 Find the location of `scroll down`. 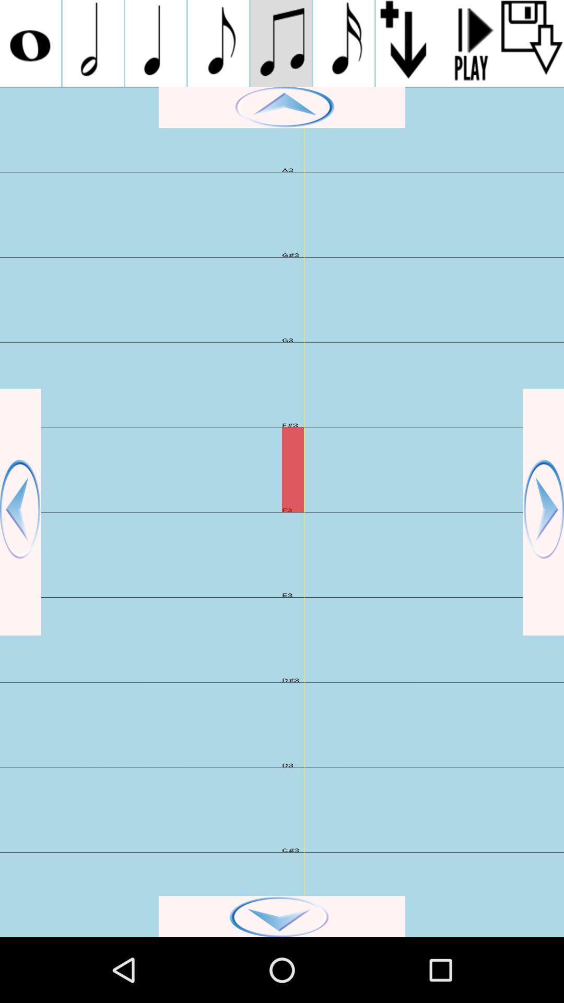

scroll down is located at coordinates (532, 43).